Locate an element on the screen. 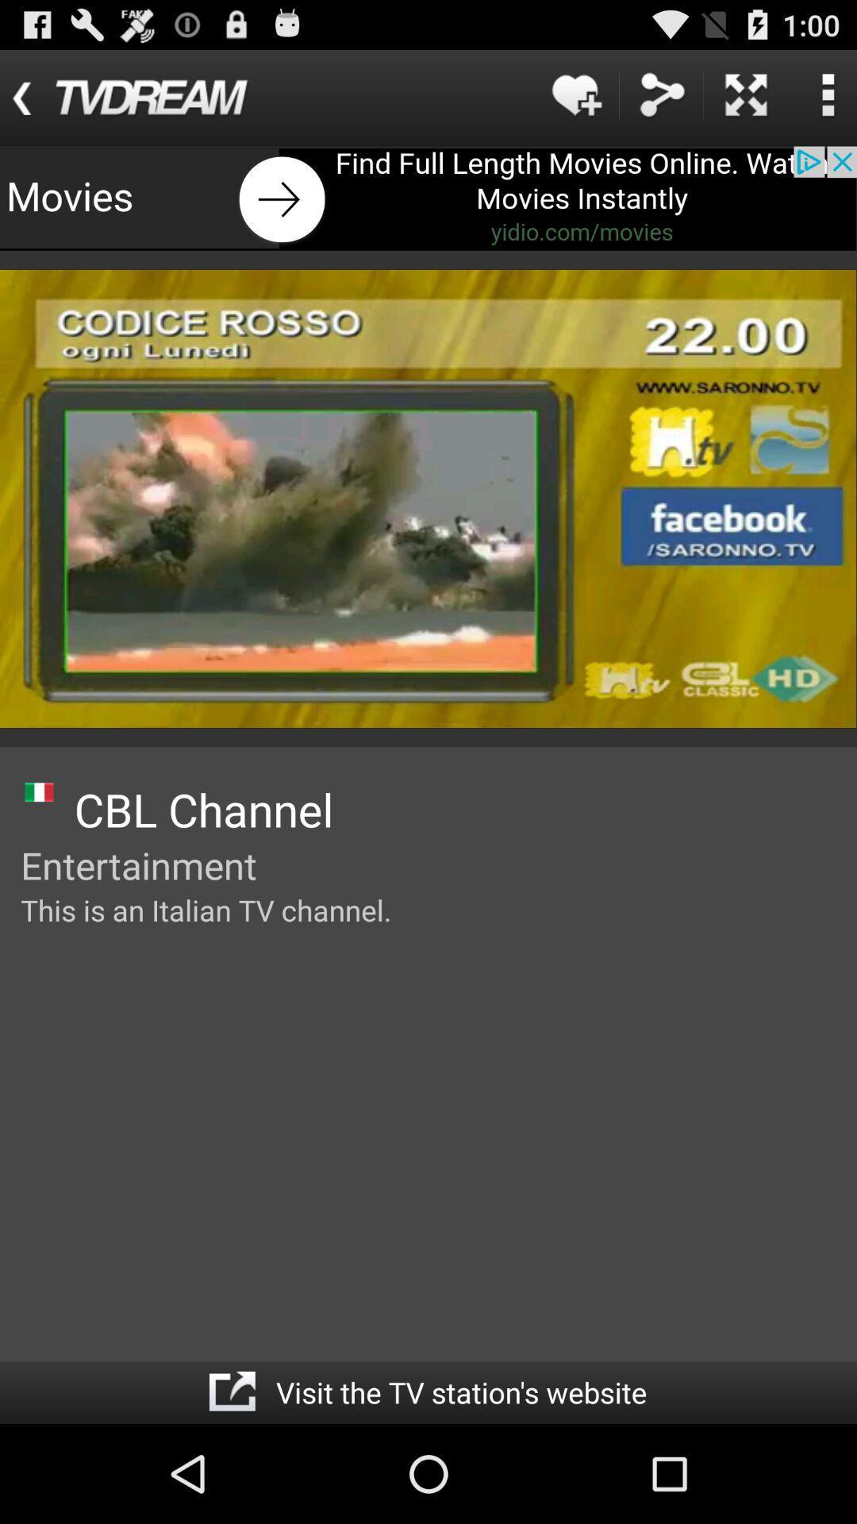 This screenshot has height=1524, width=857. paint bar is located at coordinates (428, 198).